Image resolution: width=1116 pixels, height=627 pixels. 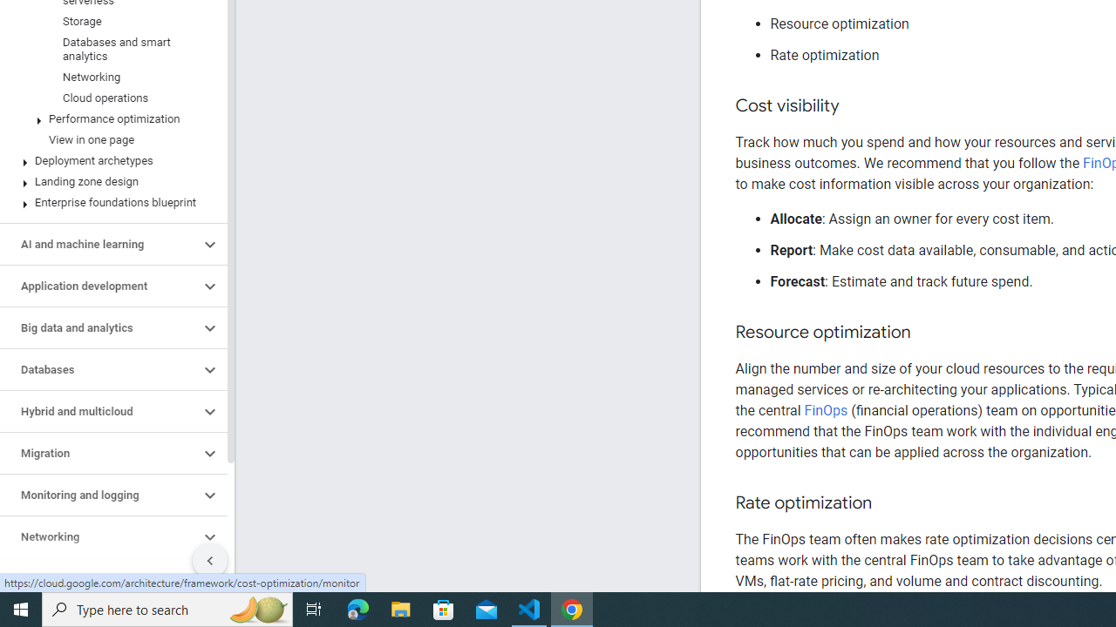 I want to click on 'Storage', so click(x=109, y=21).